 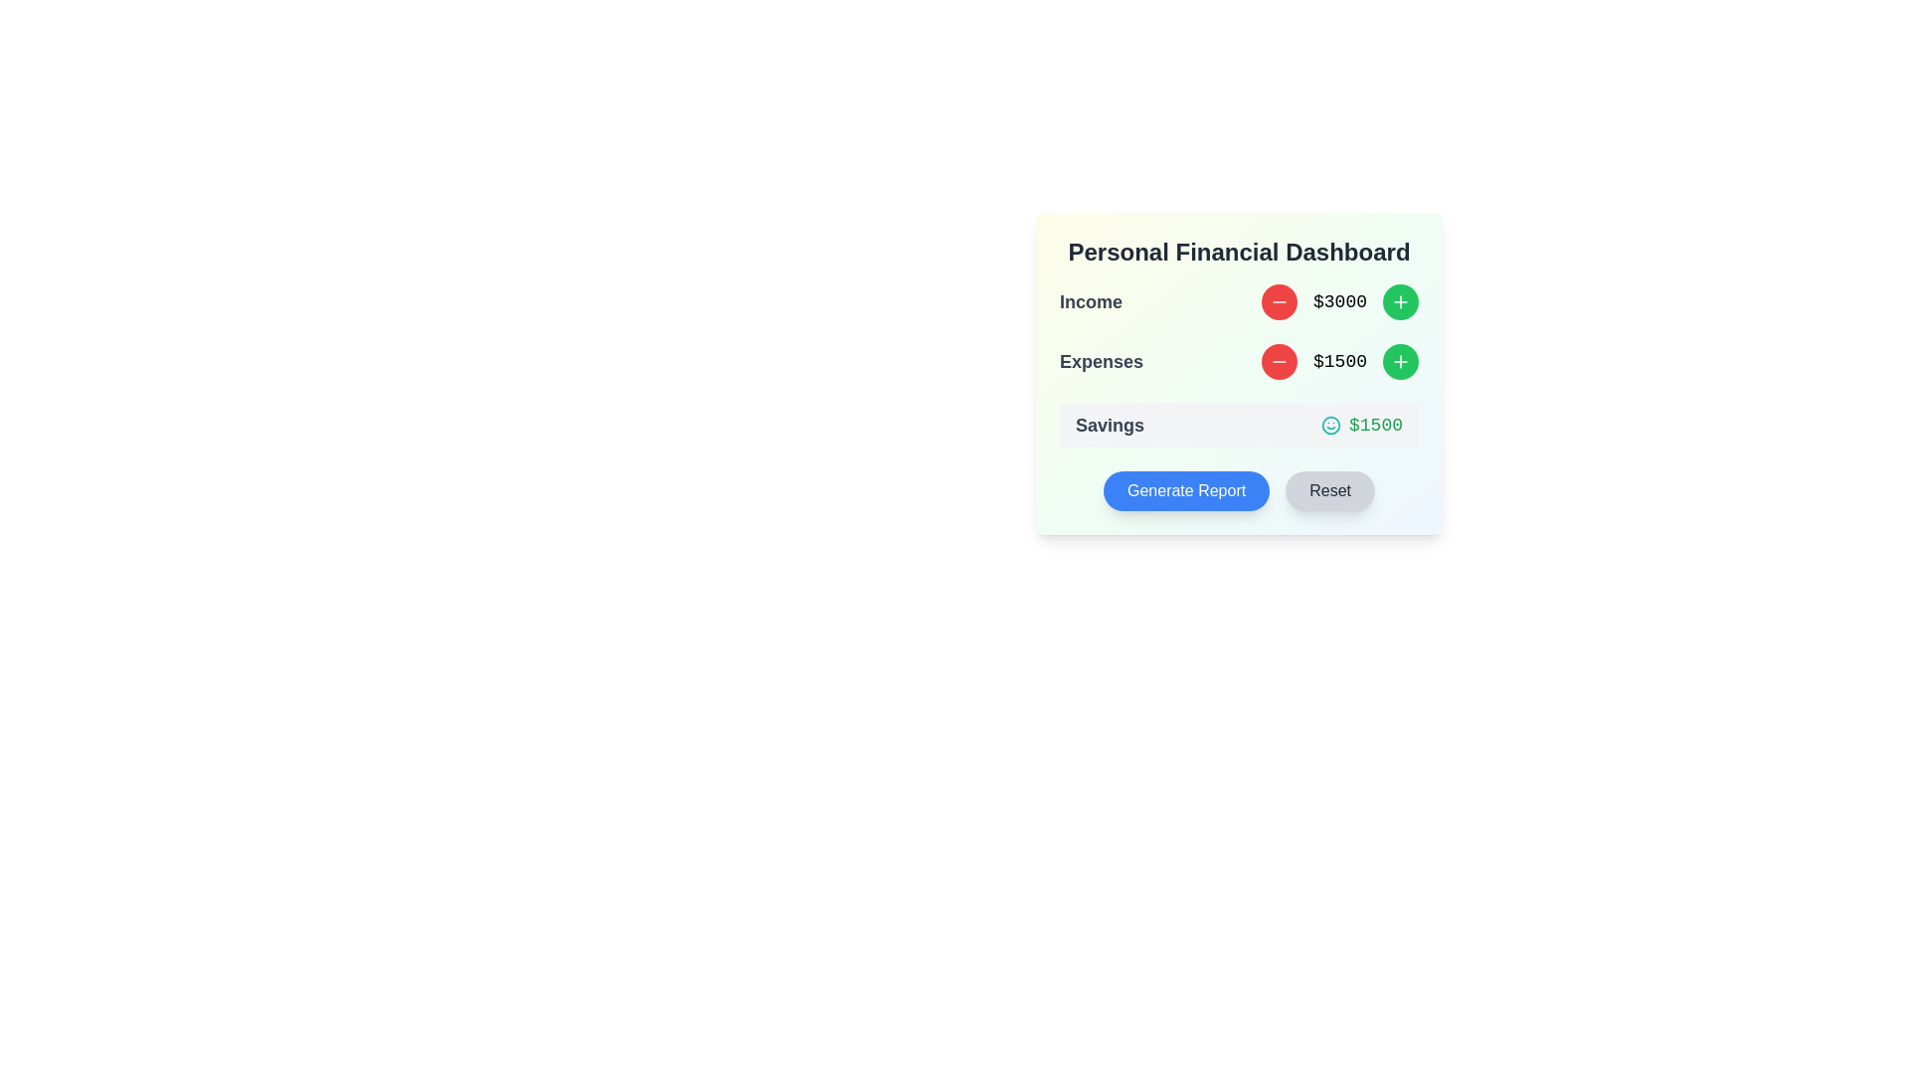 What do you see at coordinates (1238, 425) in the screenshot?
I see `the informational display section that shows the total savings amount available to the user, located below the 'Income' and 'Expenses' sections on the financial summary dashboard` at bounding box center [1238, 425].